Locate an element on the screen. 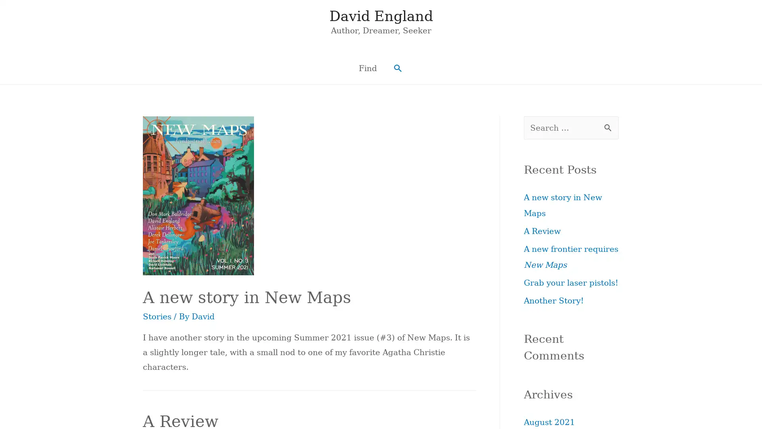  Search is located at coordinates (609, 128).